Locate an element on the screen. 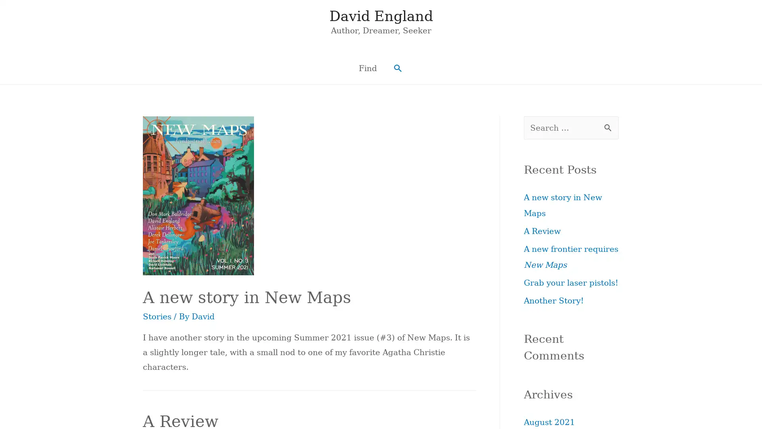  Search is located at coordinates (609, 128).